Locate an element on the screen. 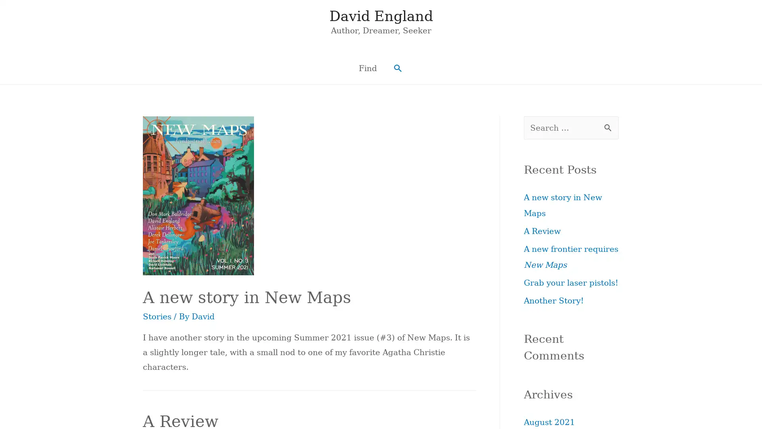  Search is located at coordinates (609, 128).